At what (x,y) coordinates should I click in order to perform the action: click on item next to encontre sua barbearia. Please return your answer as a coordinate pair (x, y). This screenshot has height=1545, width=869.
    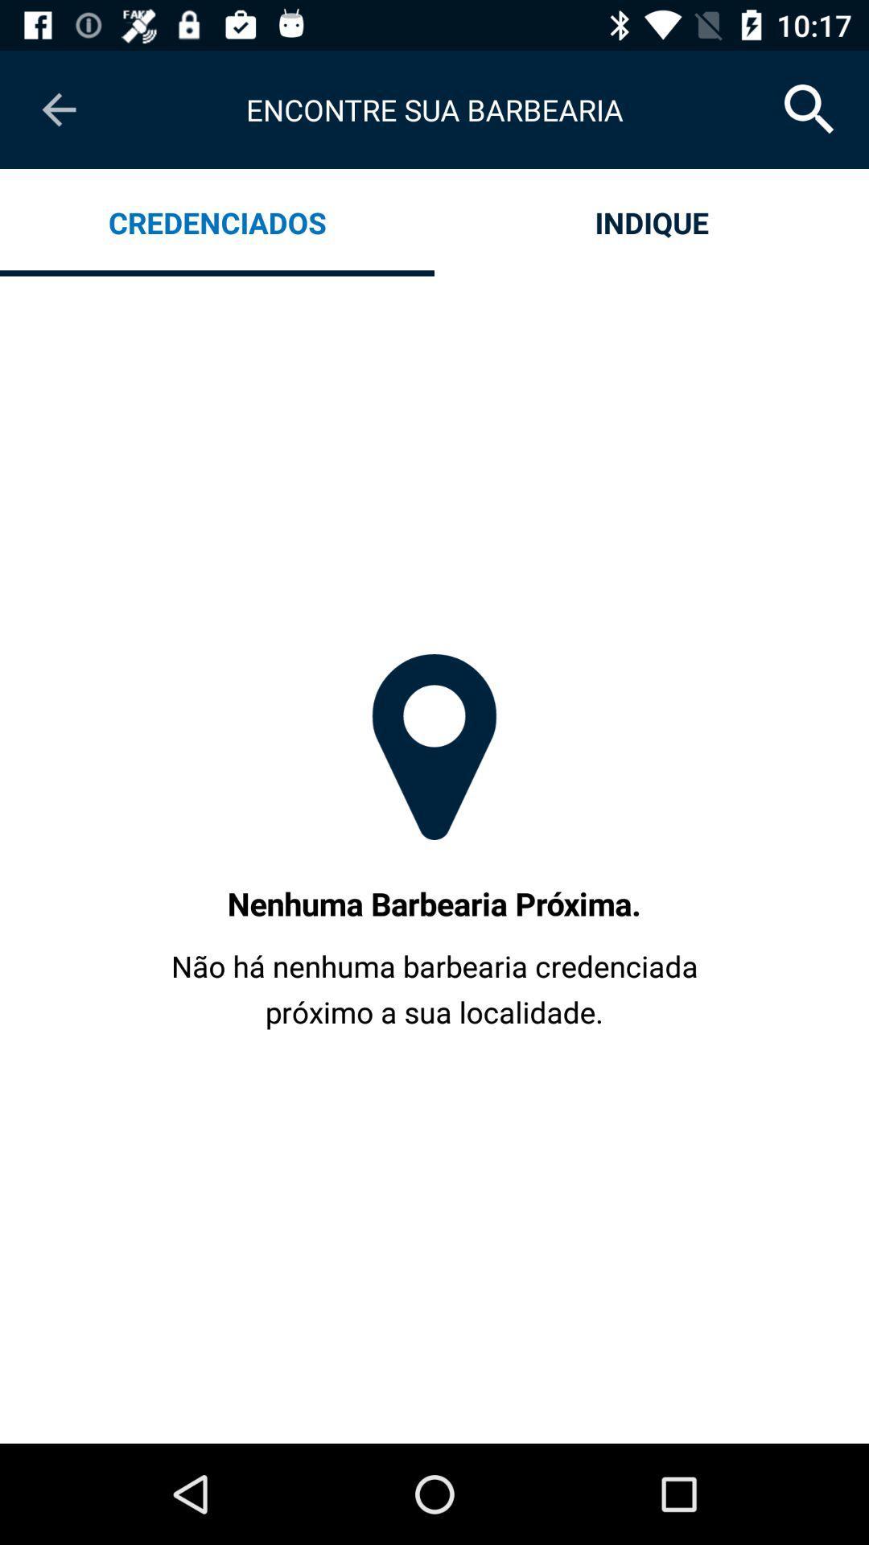
    Looking at the image, I should click on (58, 109).